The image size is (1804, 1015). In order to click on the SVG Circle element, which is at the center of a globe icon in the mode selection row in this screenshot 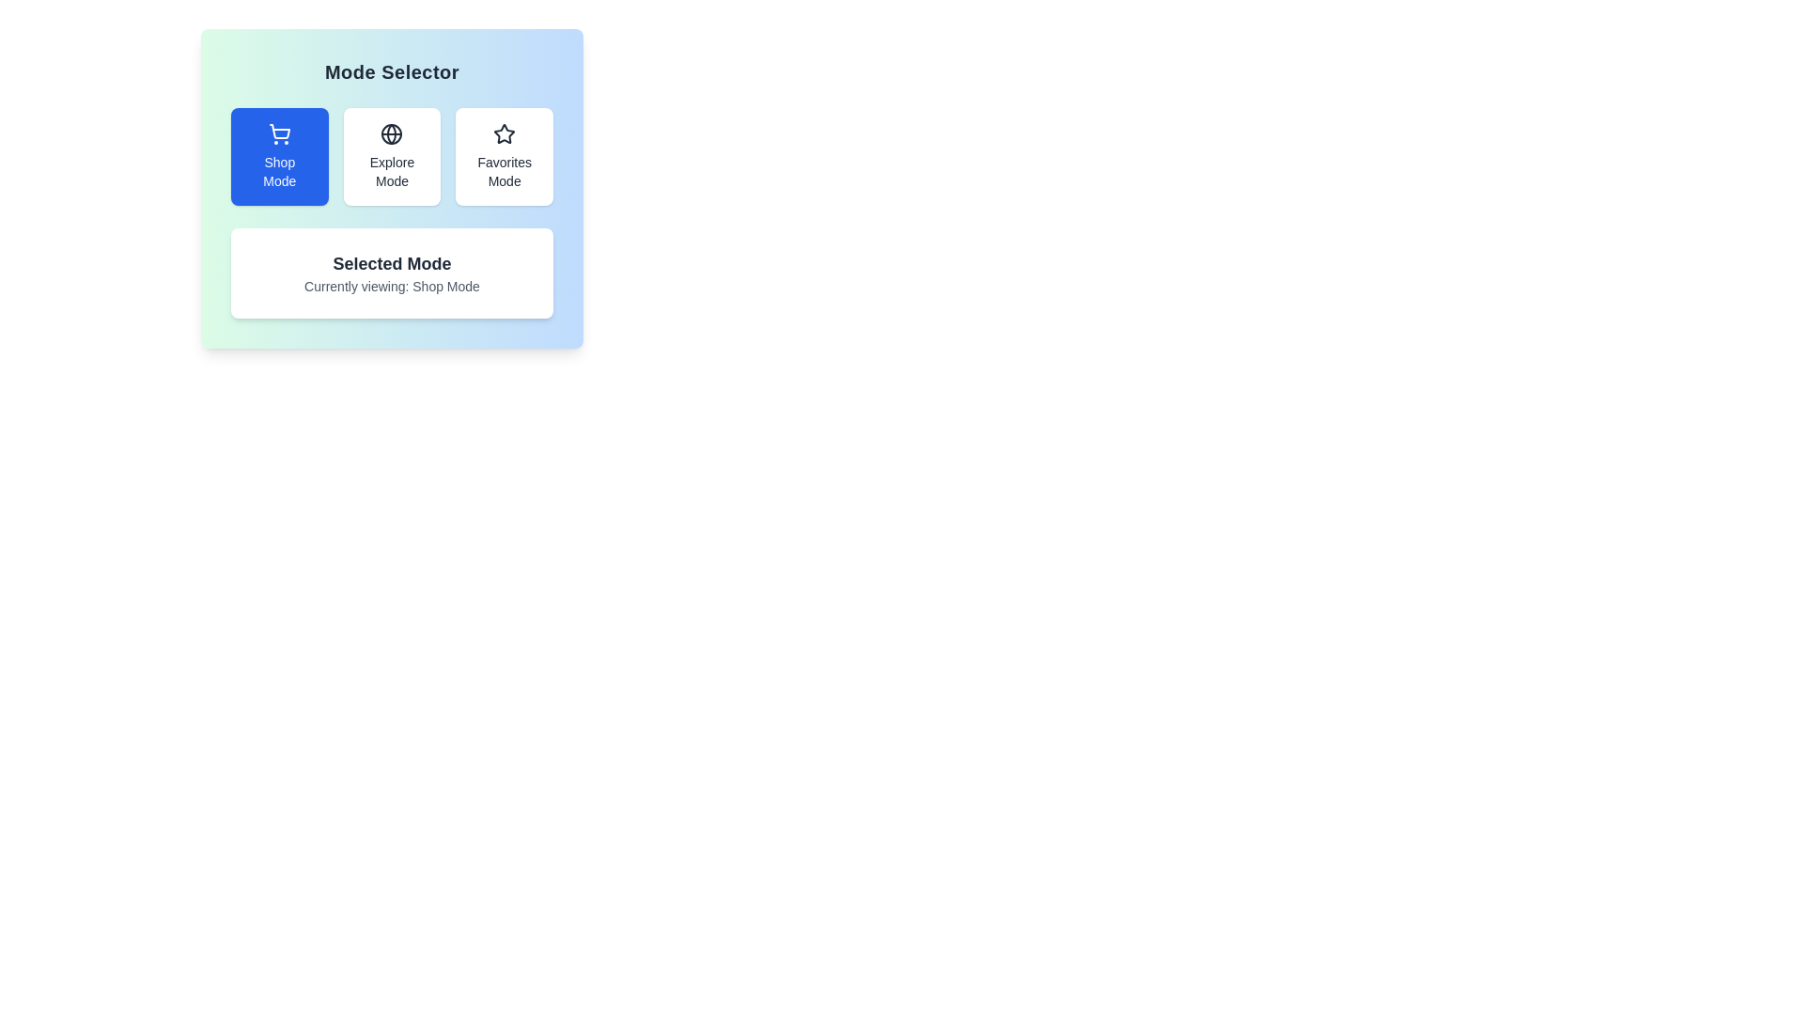, I will do `click(391, 133)`.